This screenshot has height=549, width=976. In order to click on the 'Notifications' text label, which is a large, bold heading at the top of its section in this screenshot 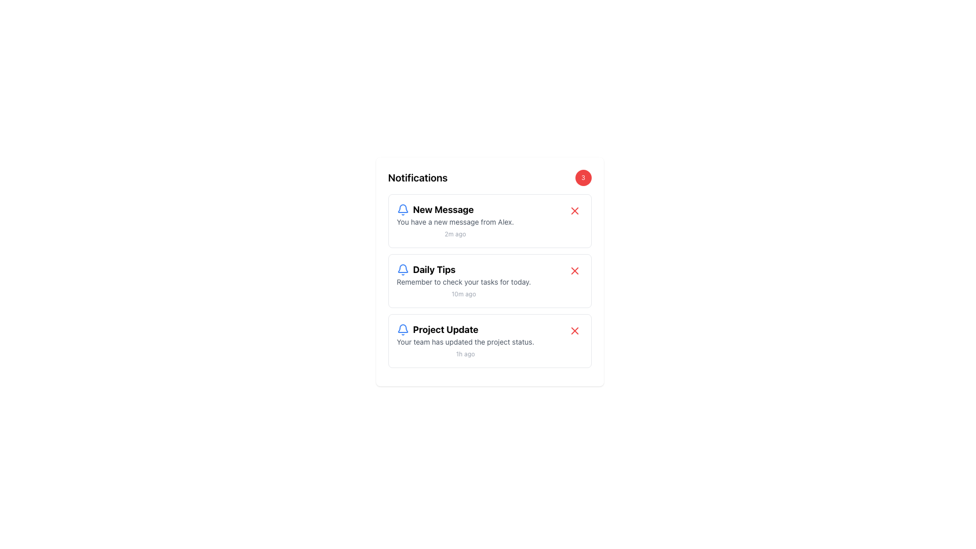, I will do `click(418, 177)`.